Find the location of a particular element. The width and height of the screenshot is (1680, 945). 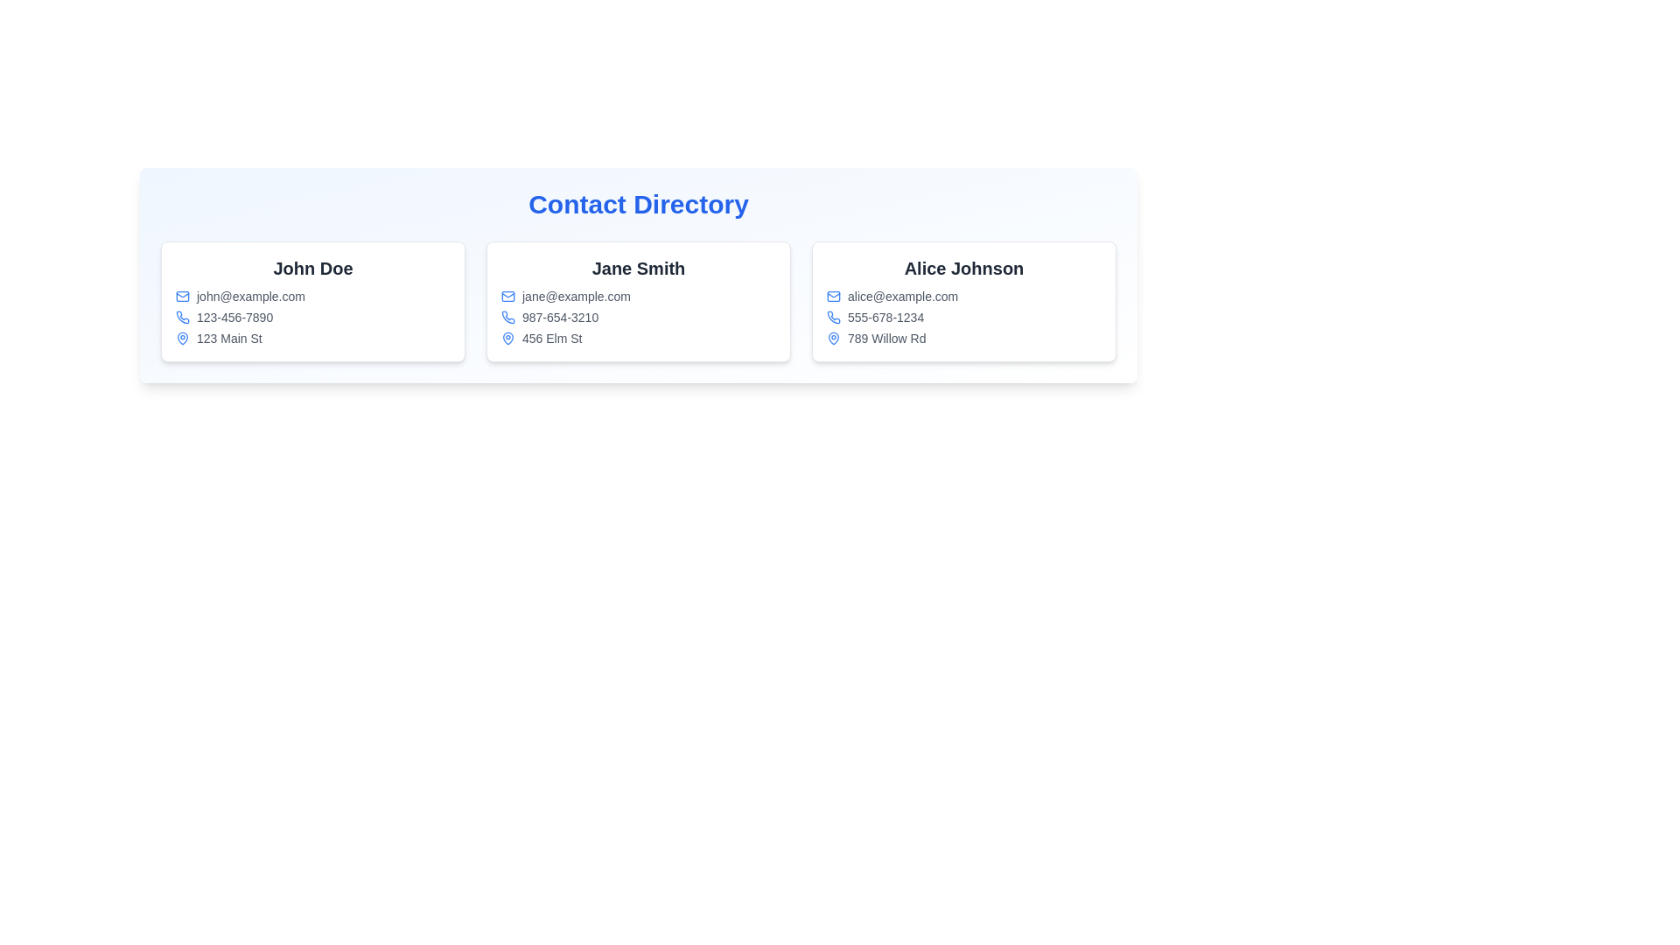

the blue outlined map pin icon with a white fill, located next to the text entry '456 Elm St' is located at coordinates (507, 338).